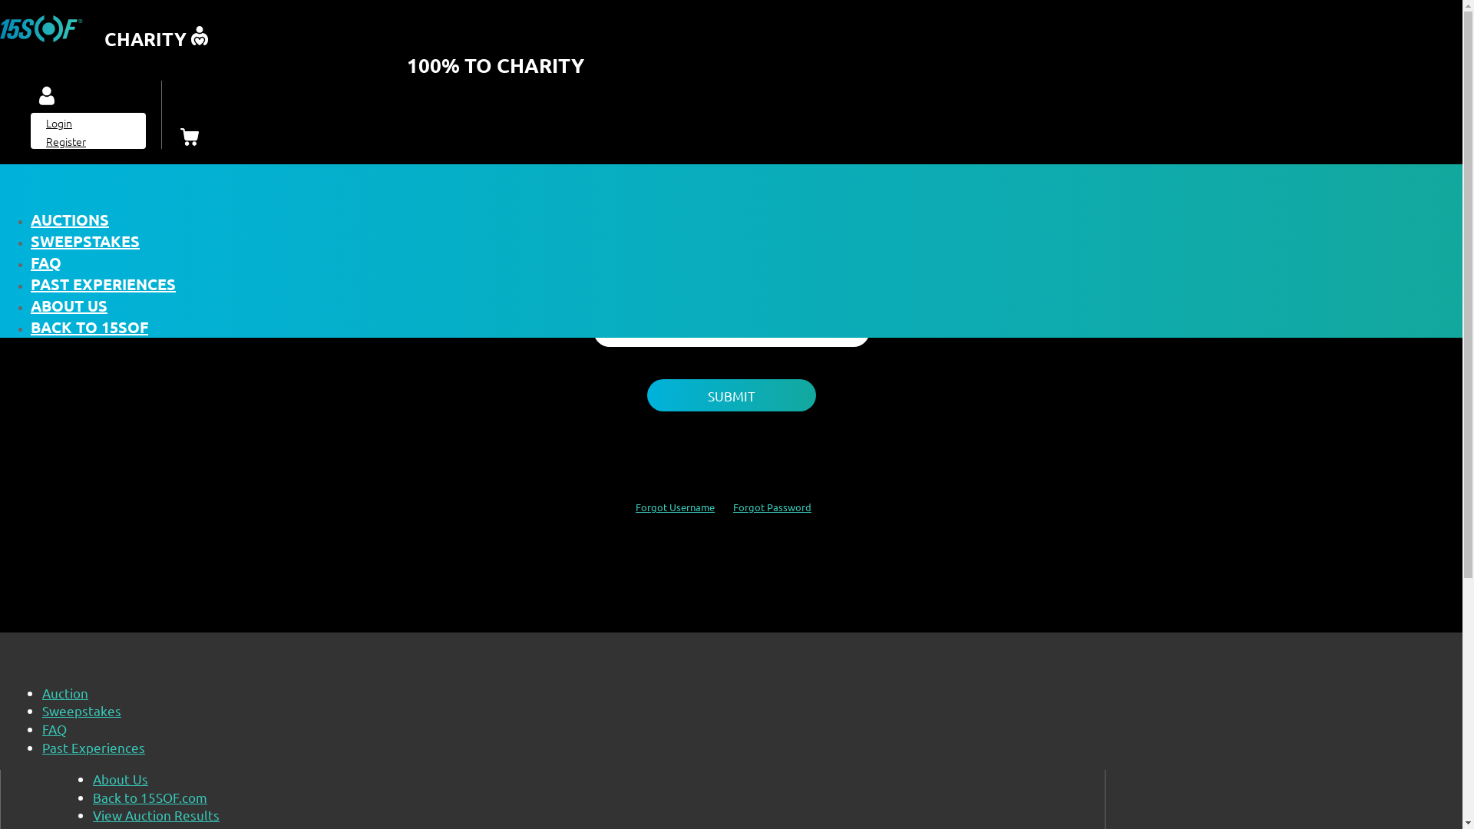  What do you see at coordinates (64, 692) in the screenshot?
I see `'Auction'` at bounding box center [64, 692].